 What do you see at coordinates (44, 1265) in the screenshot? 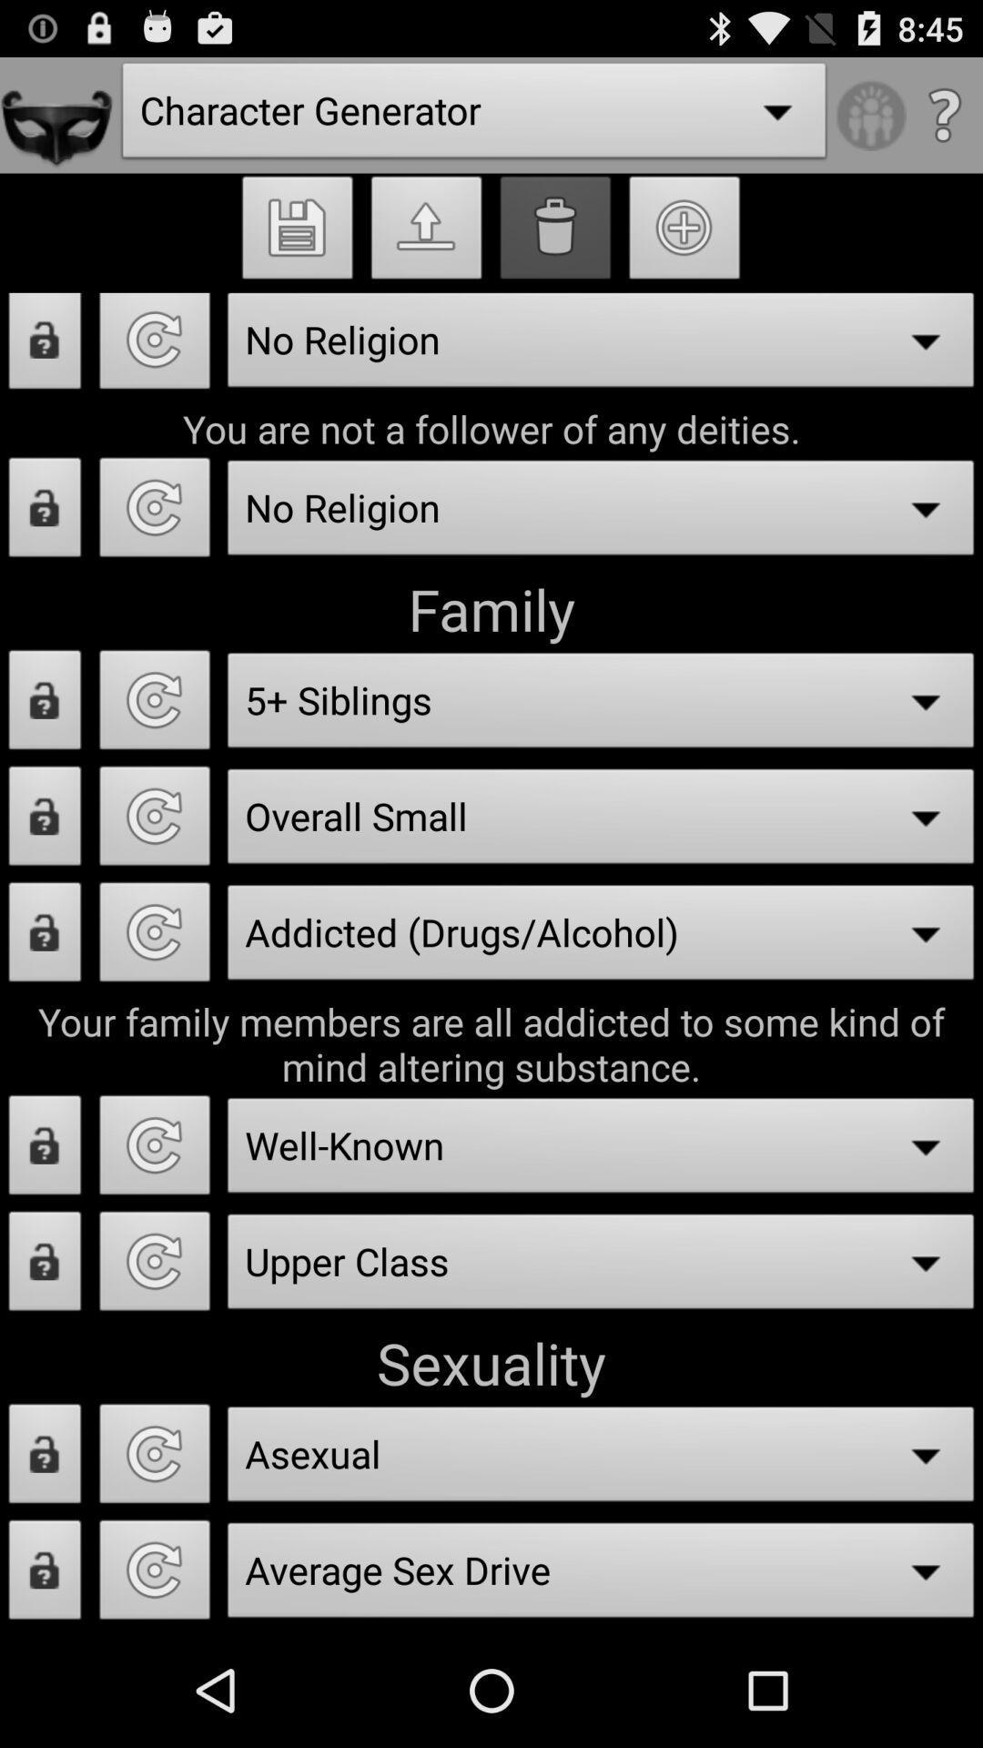
I see `lock class option` at bounding box center [44, 1265].